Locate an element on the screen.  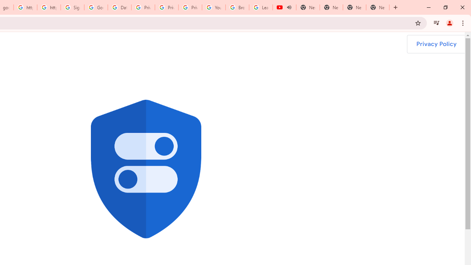
'Privacy Policy' is located at coordinates (436, 44).